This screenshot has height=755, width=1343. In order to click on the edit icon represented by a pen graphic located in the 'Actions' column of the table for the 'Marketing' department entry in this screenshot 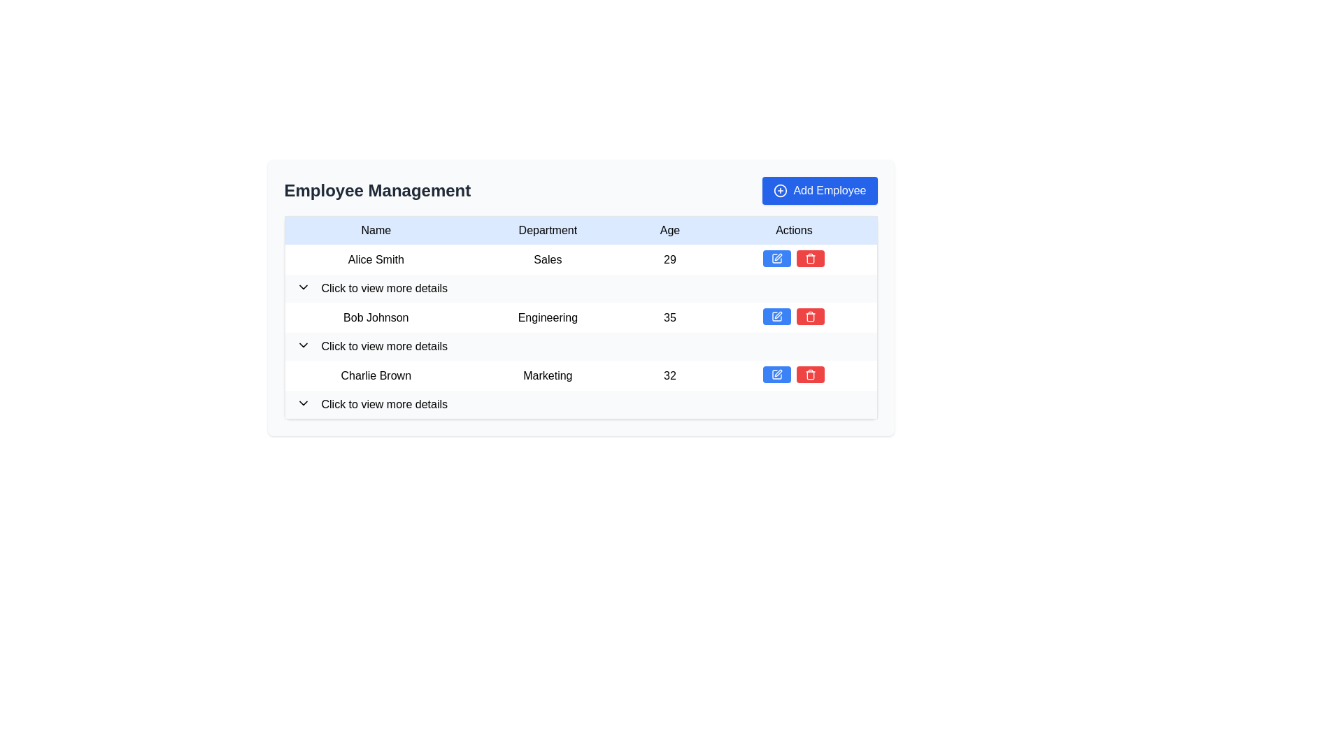, I will do `click(778, 372)`.